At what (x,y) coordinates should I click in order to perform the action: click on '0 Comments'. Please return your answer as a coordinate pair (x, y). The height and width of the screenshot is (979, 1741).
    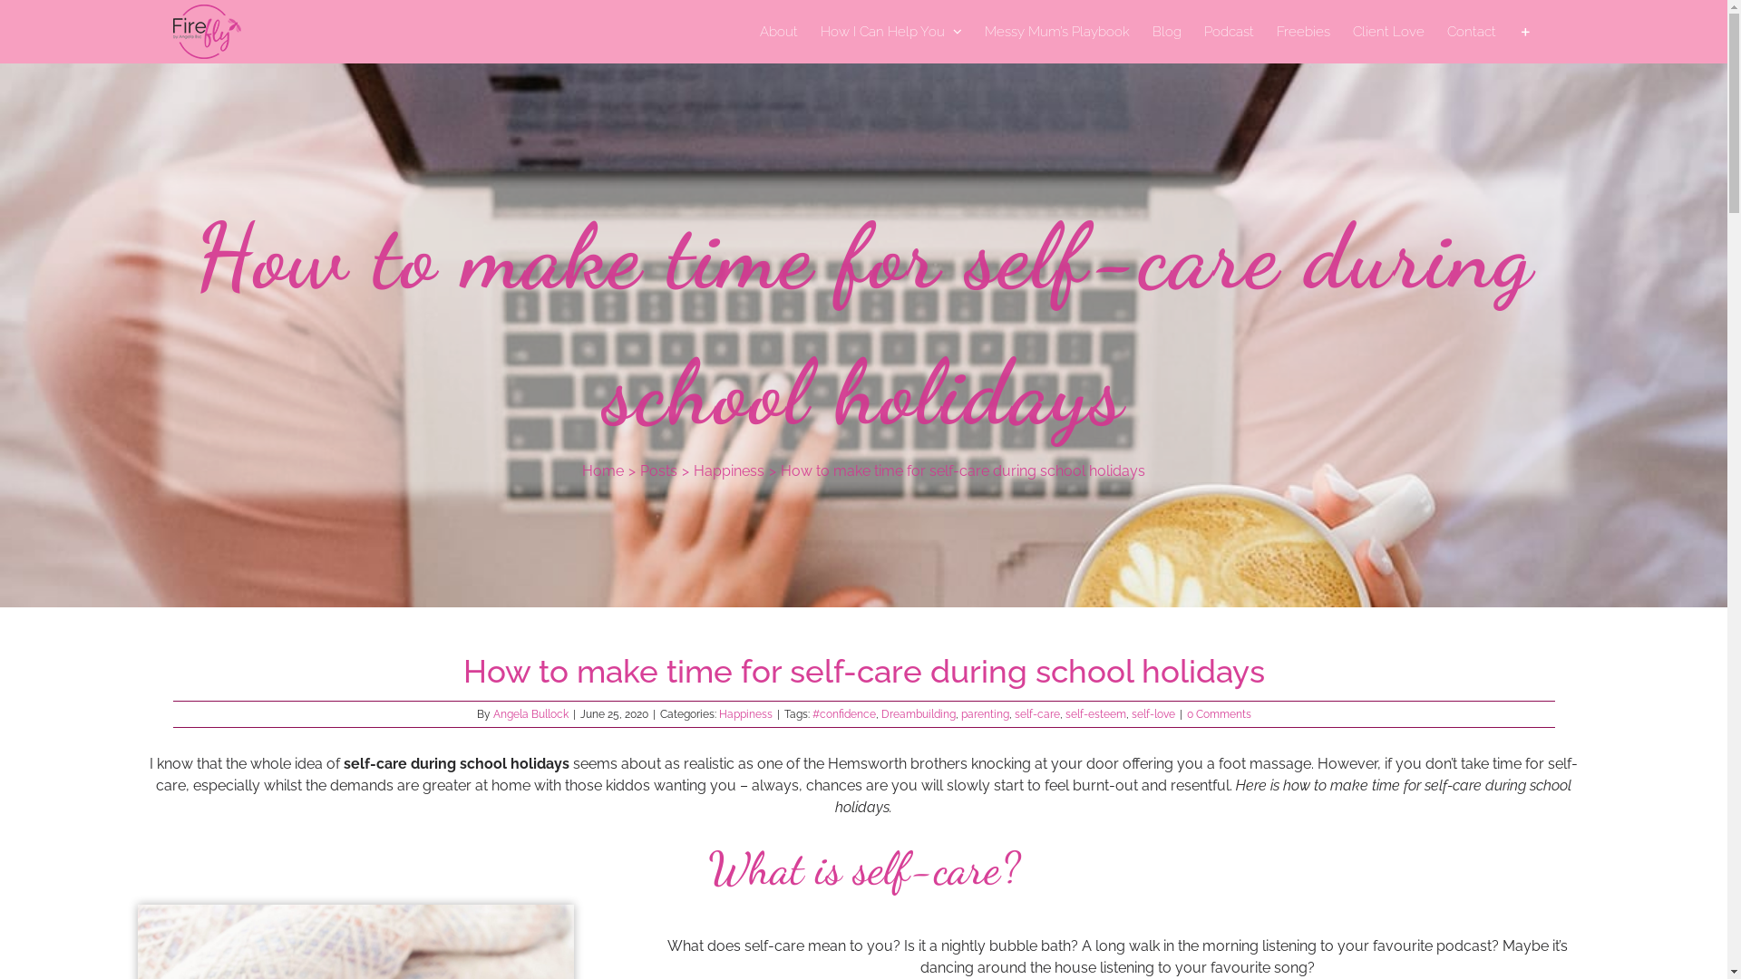
    Looking at the image, I should click on (1218, 712).